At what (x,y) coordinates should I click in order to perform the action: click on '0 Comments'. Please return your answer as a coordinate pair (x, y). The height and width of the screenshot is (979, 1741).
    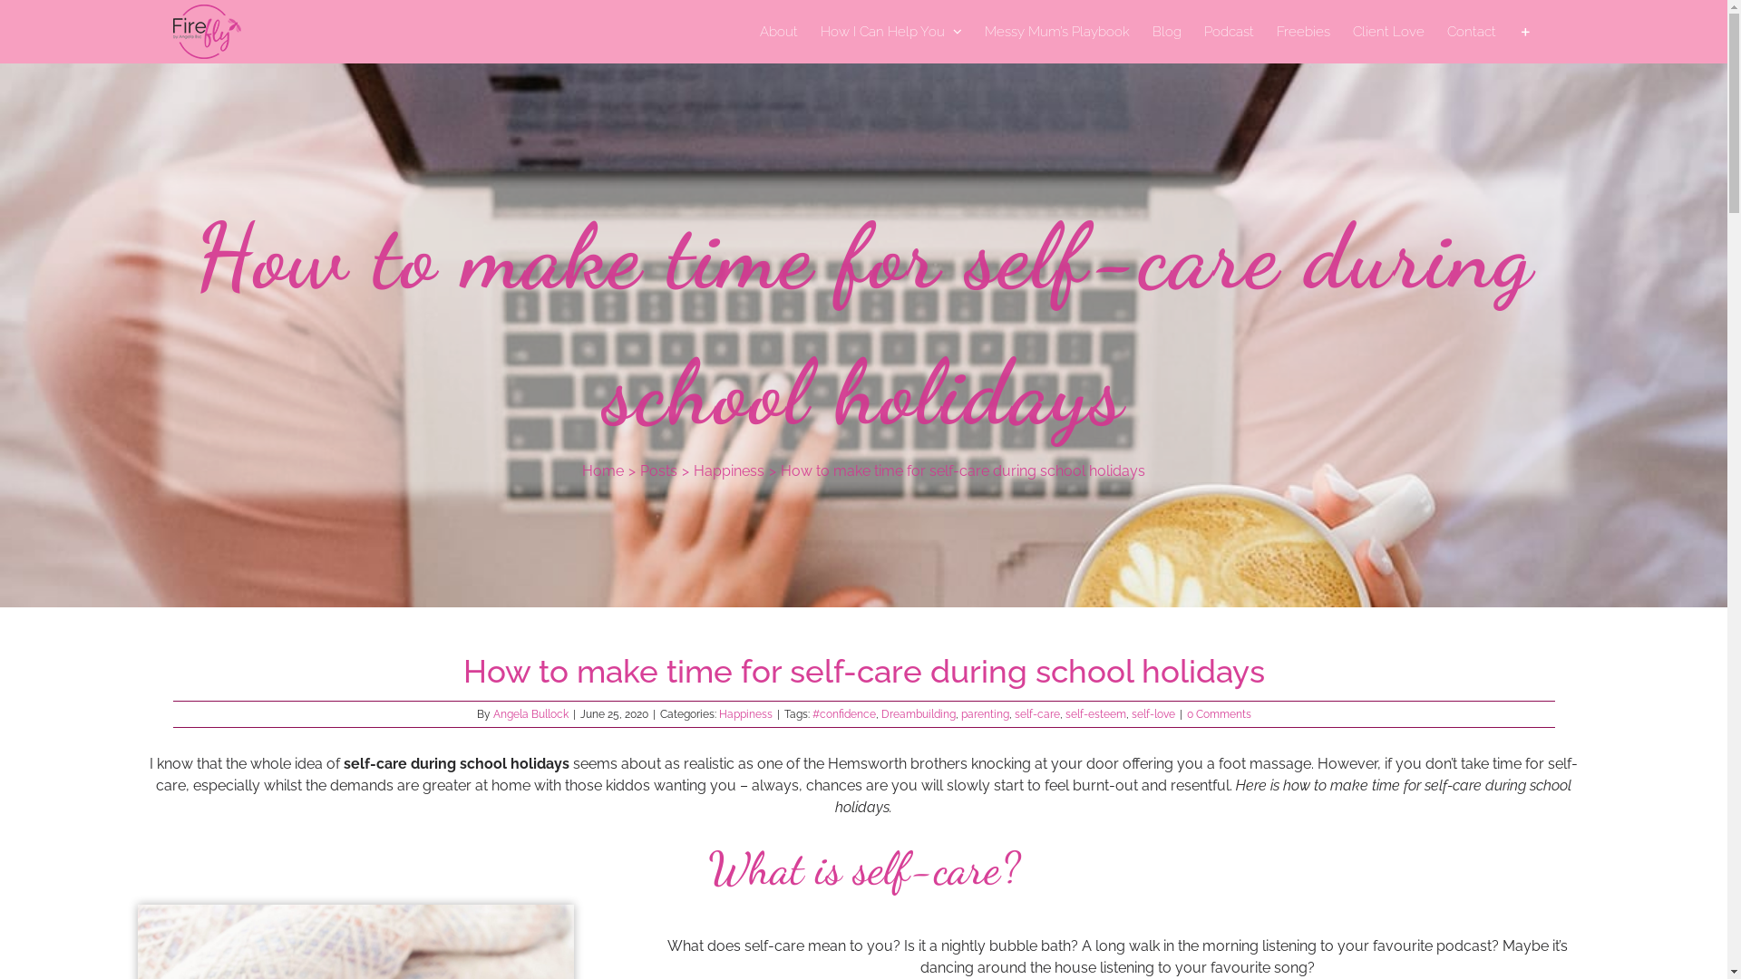
    Looking at the image, I should click on (1218, 712).